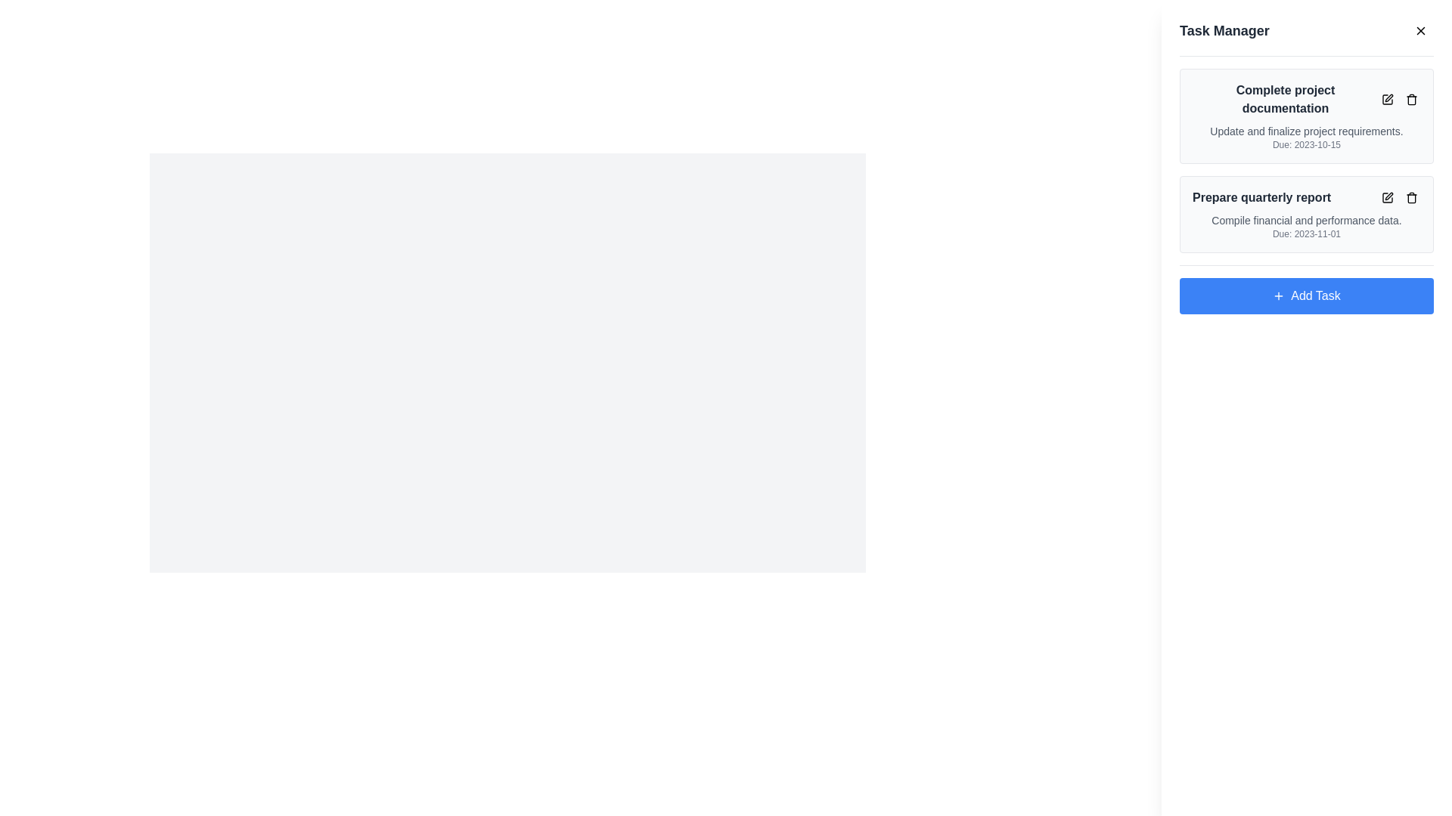  Describe the element at coordinates (1306, 289) in the screenshot. I see `the prominent rectangular 'Add Task' button with a blue background and white text` at that location.